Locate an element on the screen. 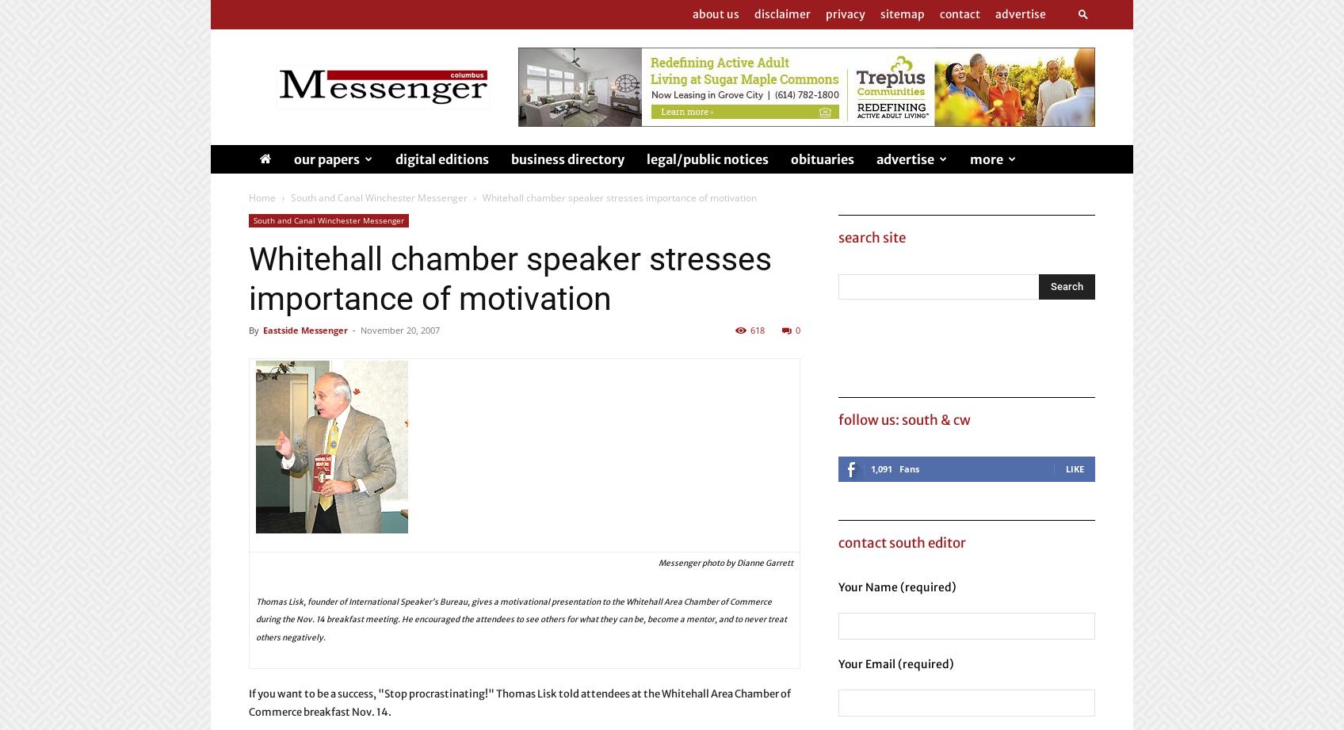 The image size is (1344, 730). '-' is located at coordinates (353, 330).